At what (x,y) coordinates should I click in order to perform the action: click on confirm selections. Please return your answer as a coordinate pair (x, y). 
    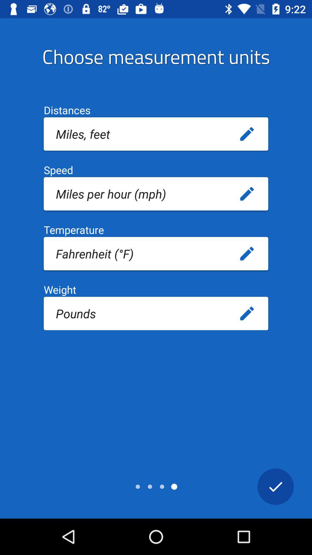
    Looking at the image, I should click on (275, 486).